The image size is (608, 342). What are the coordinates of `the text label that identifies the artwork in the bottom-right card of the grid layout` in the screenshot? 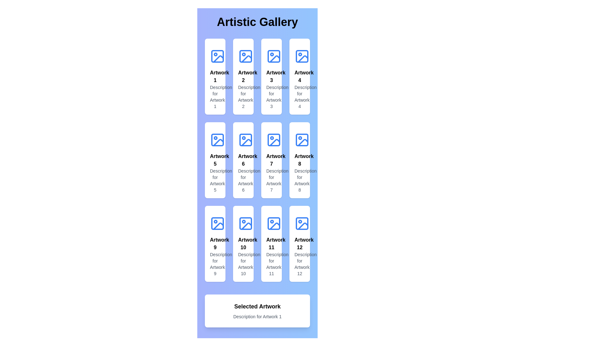 It's located at (299, 244).